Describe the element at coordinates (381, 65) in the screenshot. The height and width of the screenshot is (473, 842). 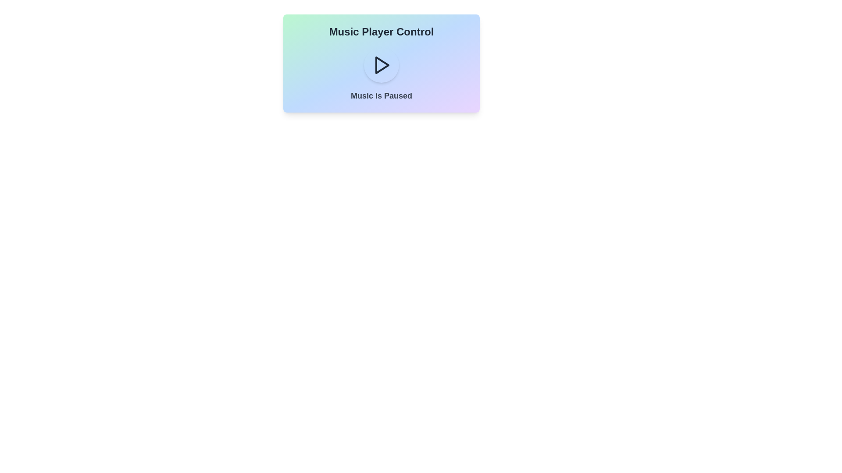
I see `the play/pause button to toggle the music player state` at that location.